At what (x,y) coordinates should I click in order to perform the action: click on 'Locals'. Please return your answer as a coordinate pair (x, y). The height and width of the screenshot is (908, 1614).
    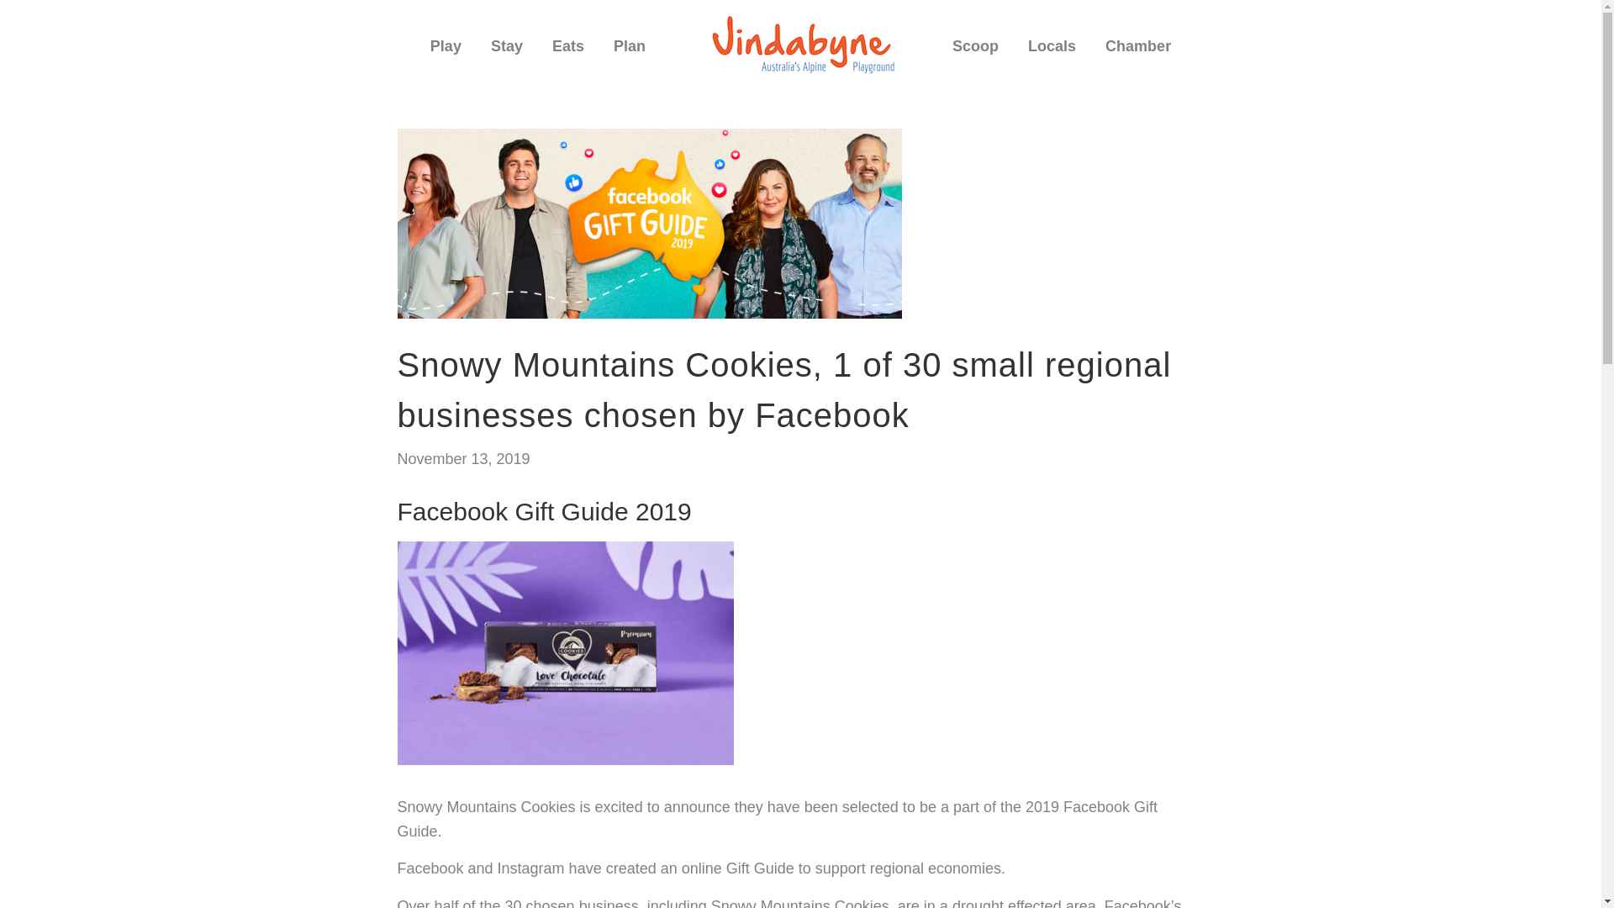
    Looking at the image, I should click on (1051, 45).